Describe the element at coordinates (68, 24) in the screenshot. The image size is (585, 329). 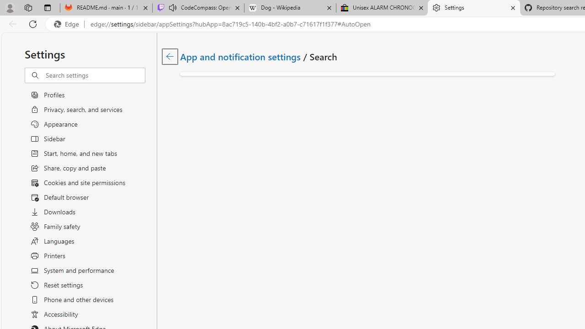
I see `'Edge'` at that location.